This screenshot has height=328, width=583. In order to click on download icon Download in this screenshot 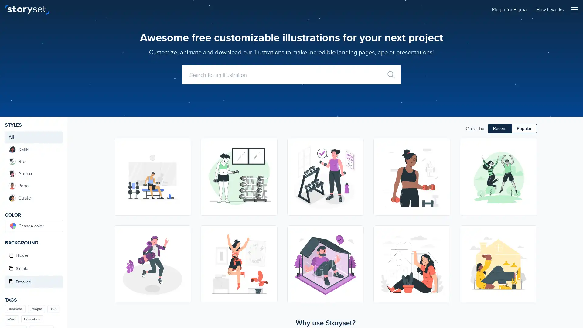, I will do `click(356, 156)`.